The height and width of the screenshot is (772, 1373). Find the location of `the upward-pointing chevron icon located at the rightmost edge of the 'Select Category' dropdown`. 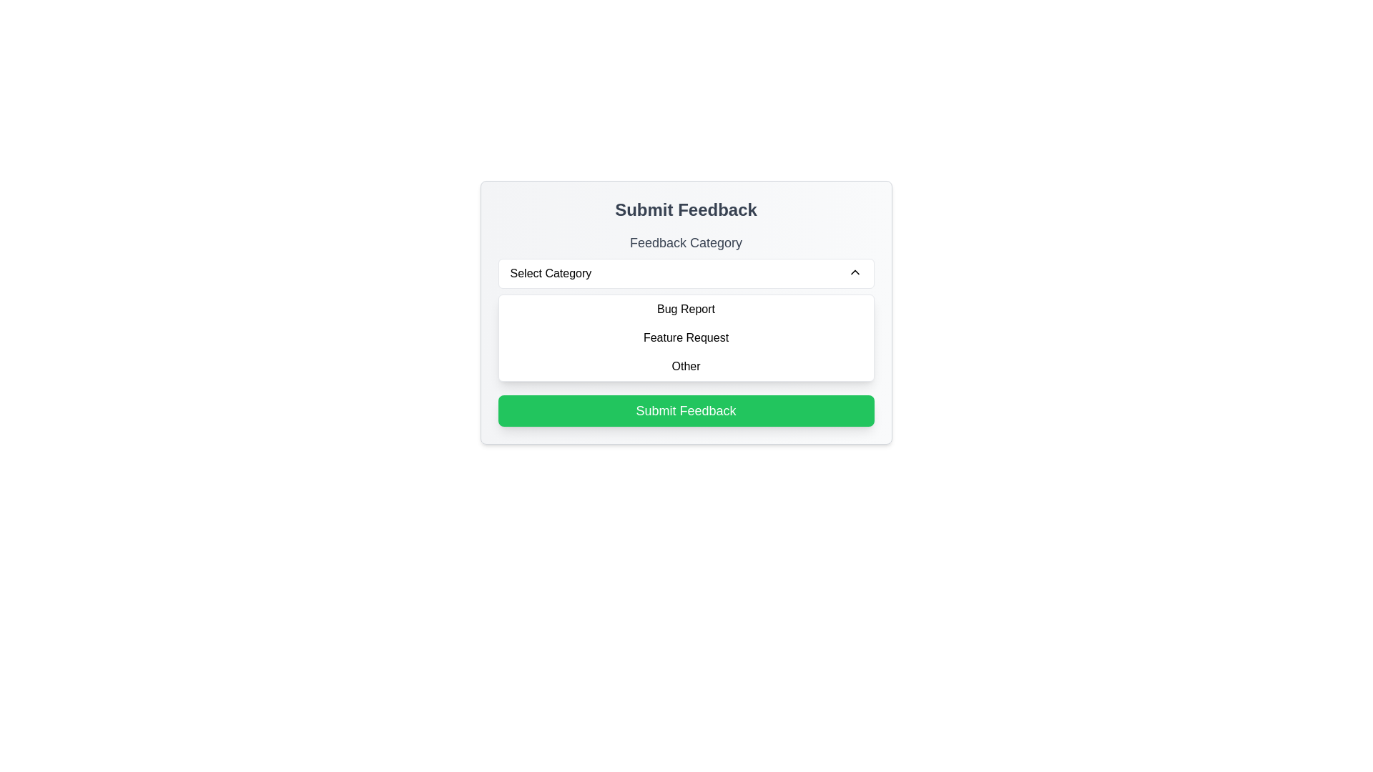

the upward-pointing chevron icon located at the rightmost edge of the 'Select Category' dropdown is located at coordinates (855, 272).